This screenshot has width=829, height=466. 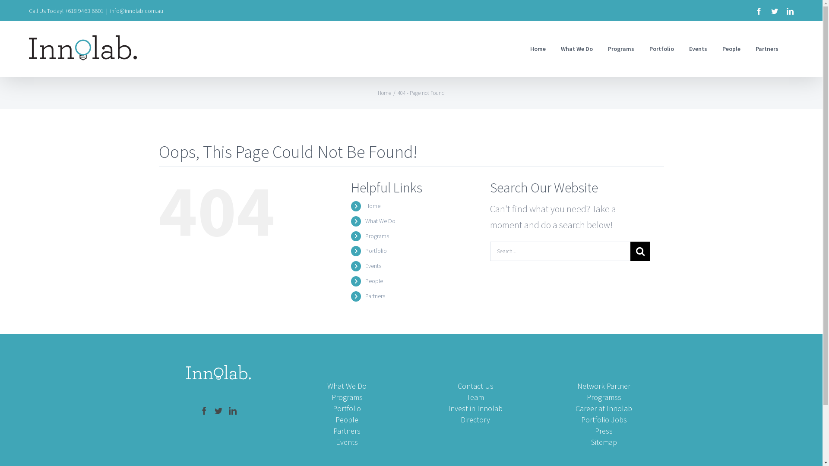 I want to click on 'LinkedIn', so click(x=790, y=11).